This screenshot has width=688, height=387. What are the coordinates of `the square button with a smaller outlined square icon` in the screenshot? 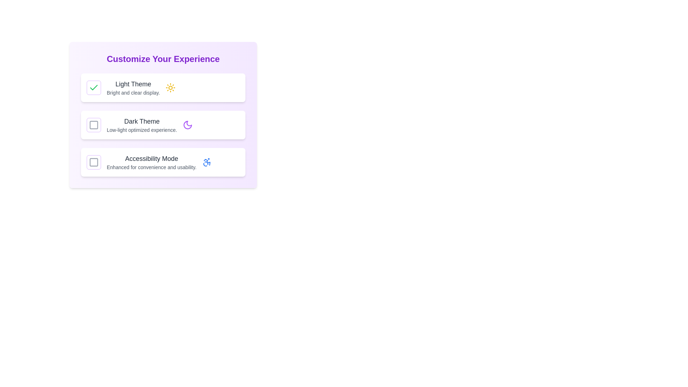 It's located at (94, 162).